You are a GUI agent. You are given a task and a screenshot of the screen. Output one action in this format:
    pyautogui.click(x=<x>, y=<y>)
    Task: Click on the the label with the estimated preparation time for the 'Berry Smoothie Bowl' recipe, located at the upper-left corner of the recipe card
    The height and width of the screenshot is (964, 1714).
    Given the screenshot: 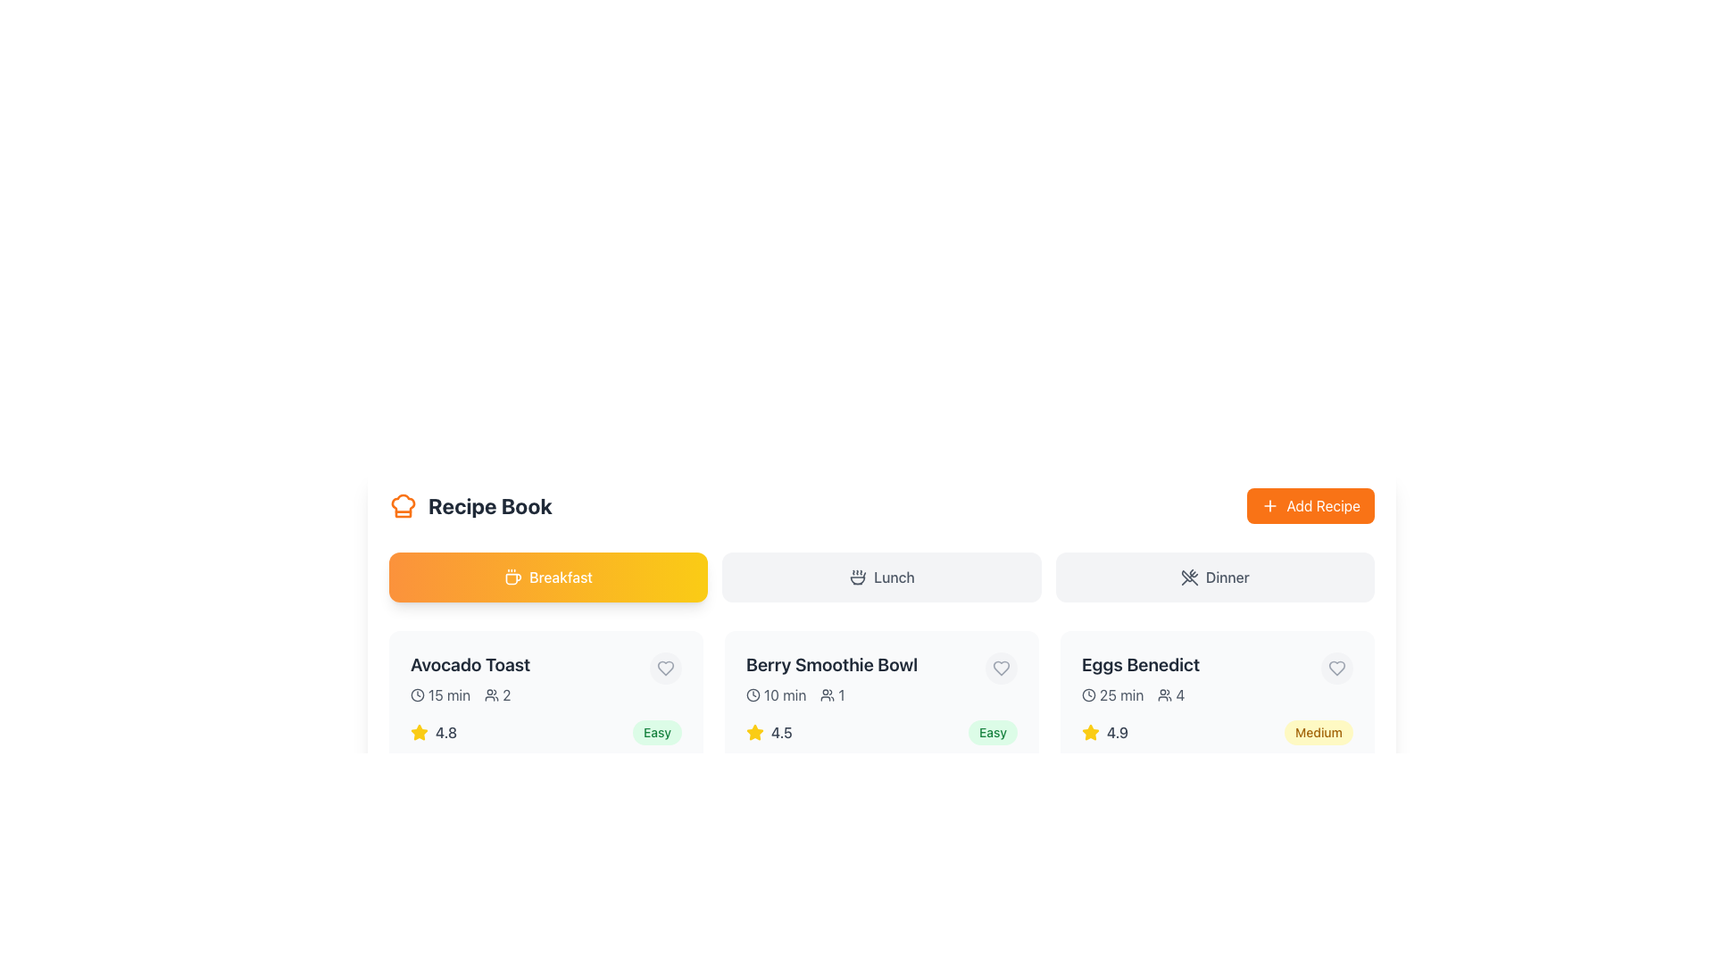 What is the action you would take?
    pyautogui.click(x=776, y=694)
    